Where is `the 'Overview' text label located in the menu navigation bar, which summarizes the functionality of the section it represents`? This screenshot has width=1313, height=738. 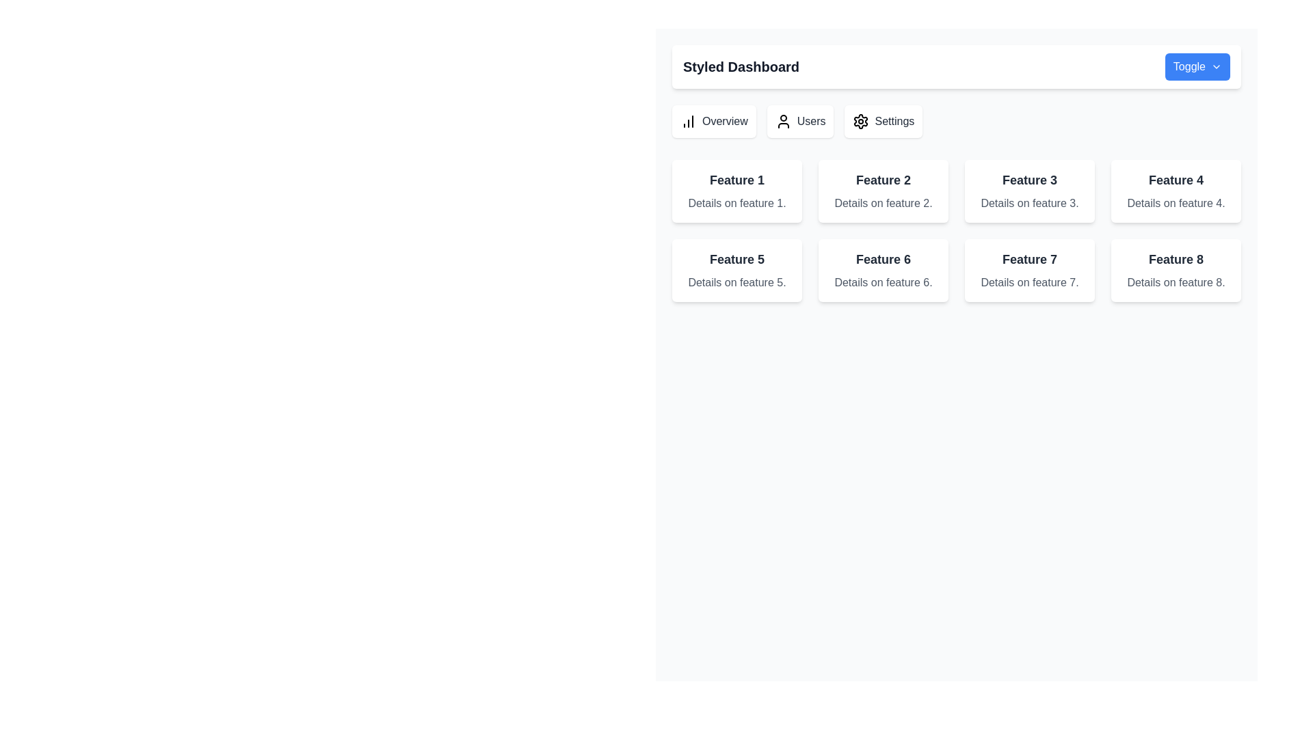 the 'Overview' text label located in the menu navigation bar, which summarizes the functionality of the section it represents is located at coordinates (724, 120).